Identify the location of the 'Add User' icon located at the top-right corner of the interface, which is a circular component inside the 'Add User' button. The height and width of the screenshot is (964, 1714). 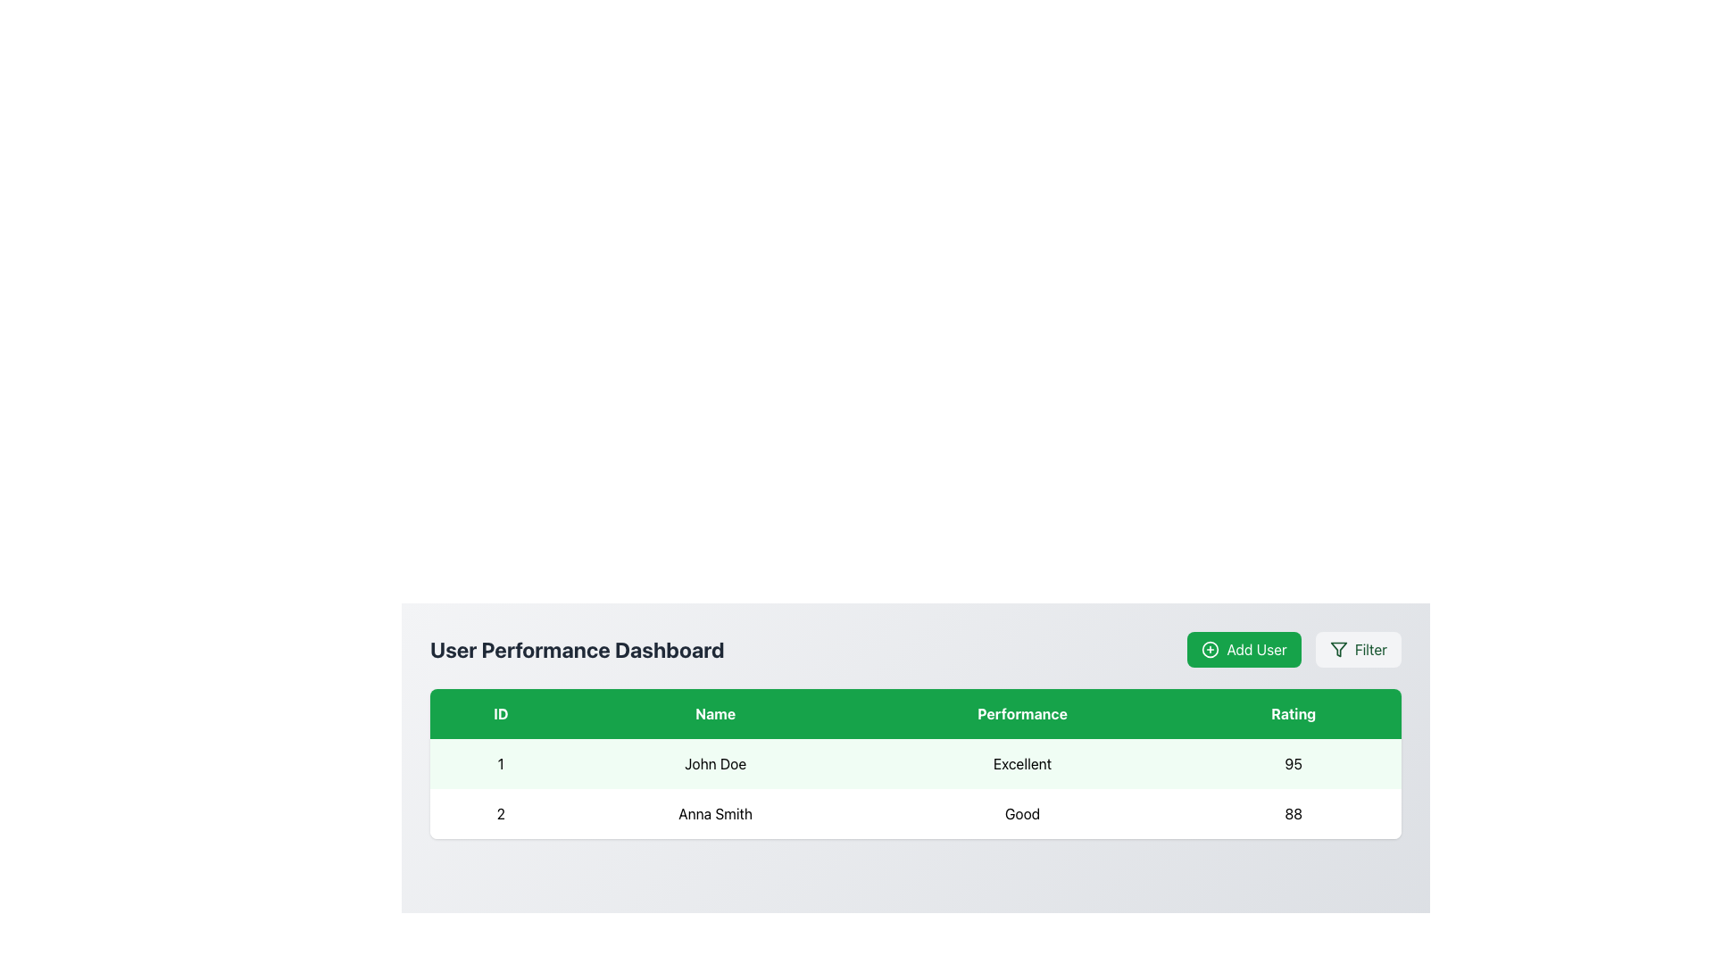
(1211, 650).